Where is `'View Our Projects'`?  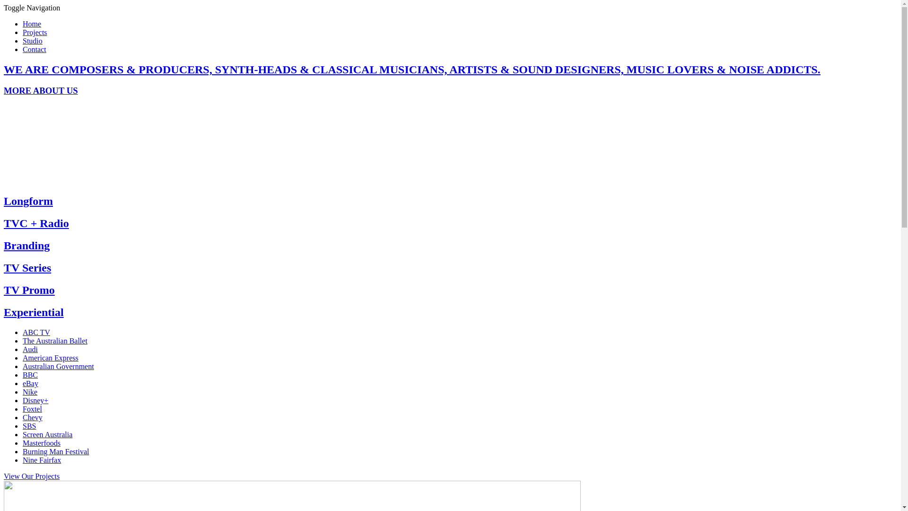 'View Our Projects' is located at coordinates (32, 476).